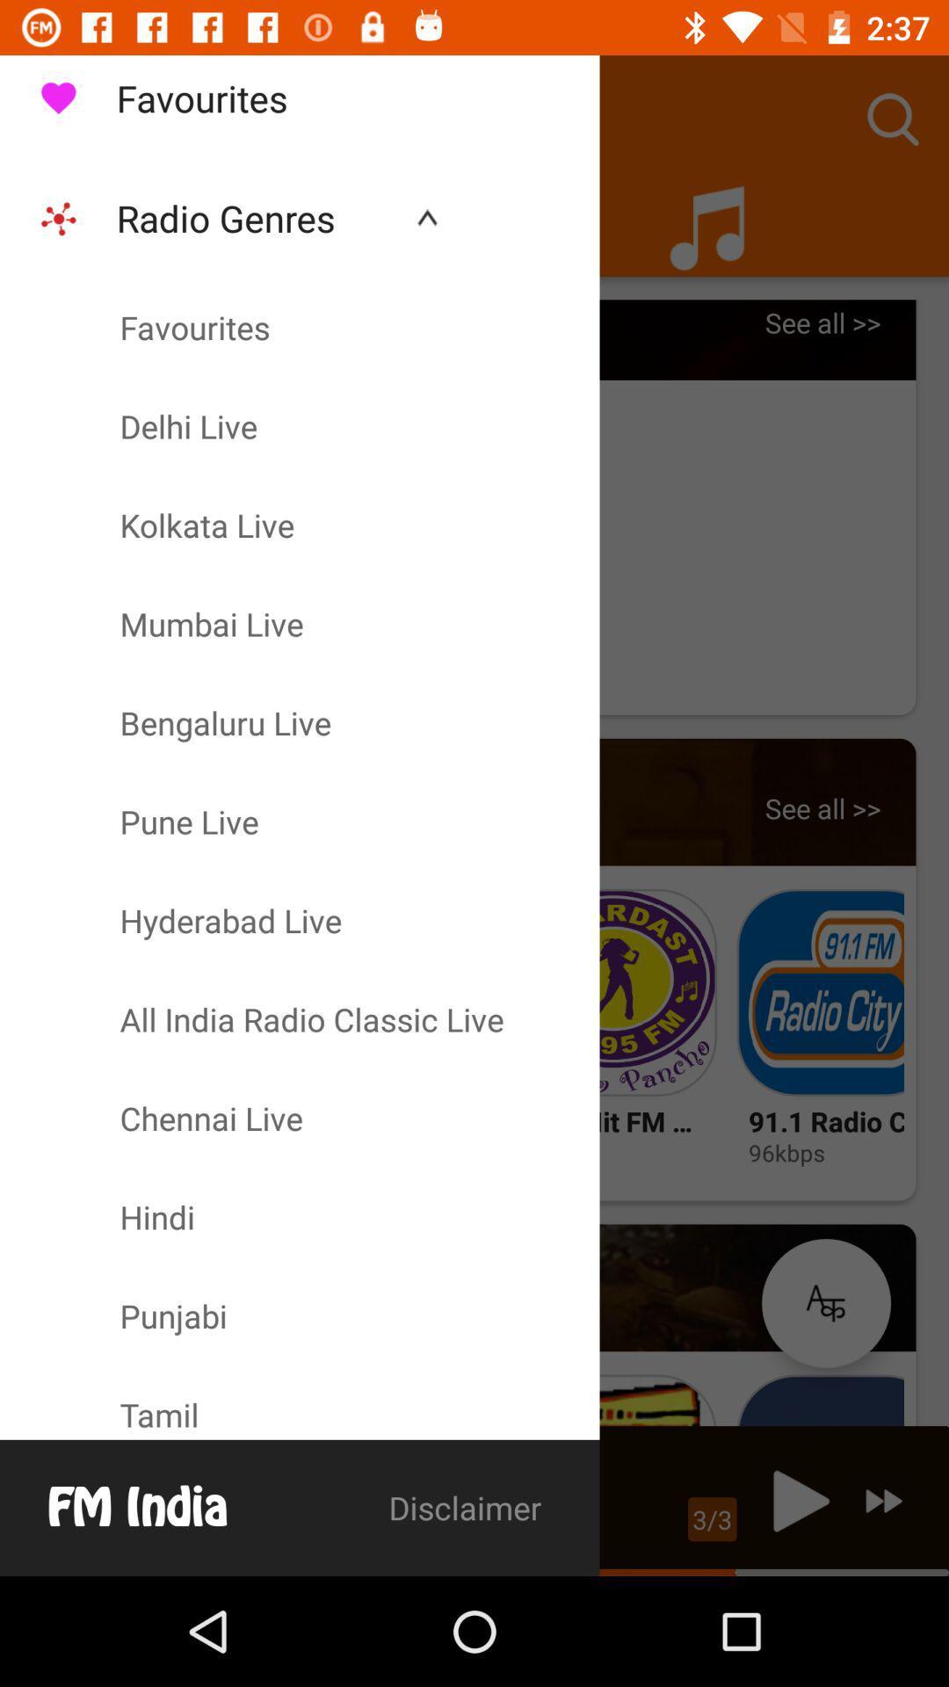  What do you see at coordinates (796, 1500) in the screenshot?
I see `the play icon` at bounding box center [796, 1500].